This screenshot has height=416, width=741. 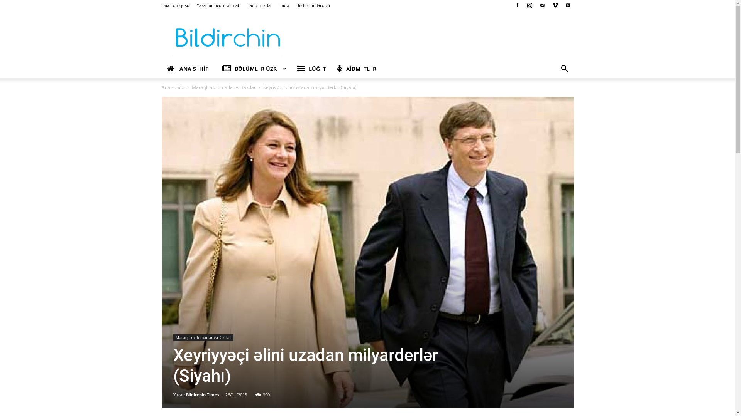 I want to click on 'Bildirchin Times', so click(x=202, y=394).